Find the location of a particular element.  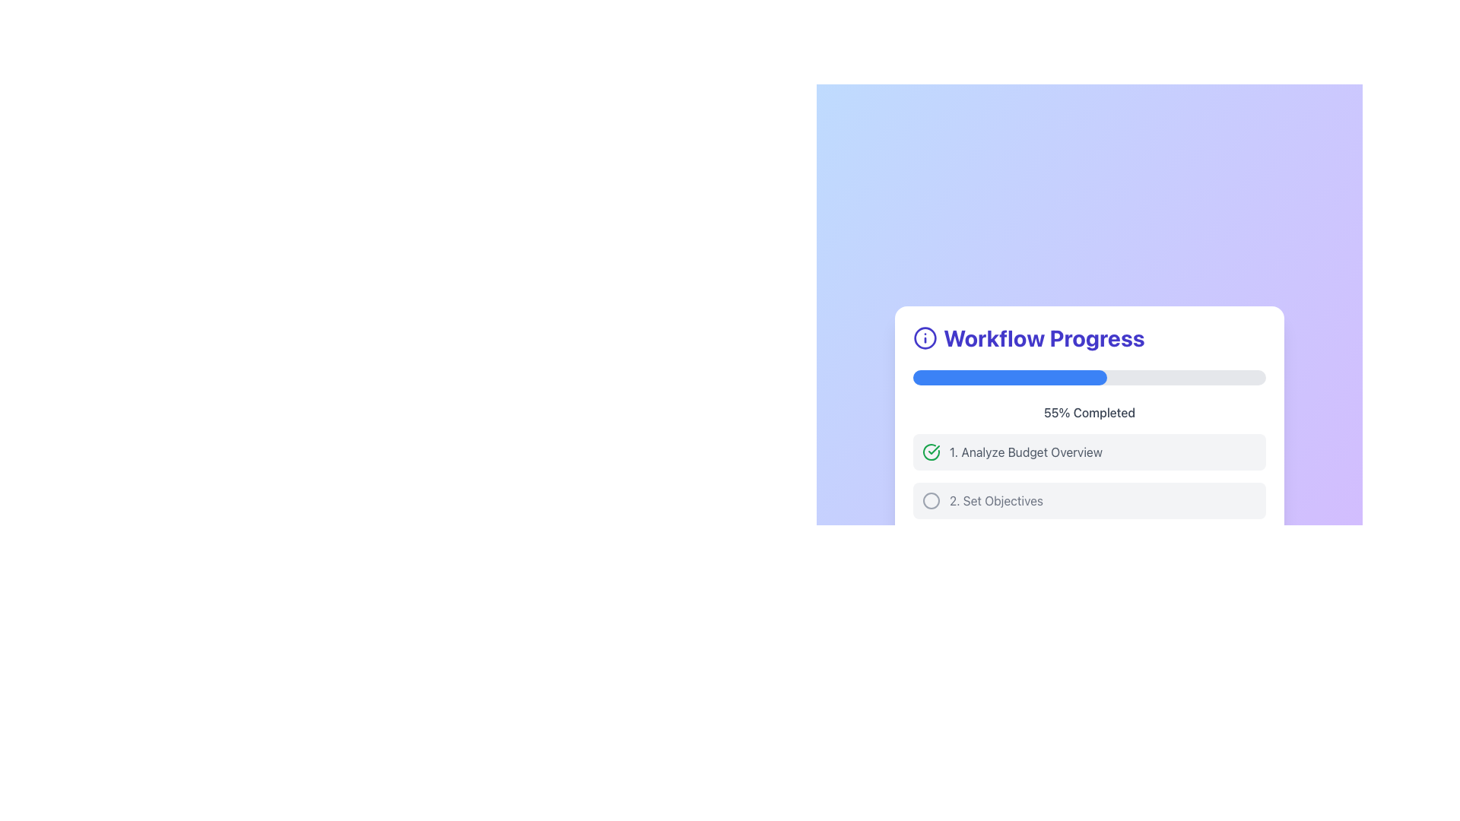

the Progress bar indicating 55% completion within the 'Workflow Progress' section is located at coordinates (1010, 377).